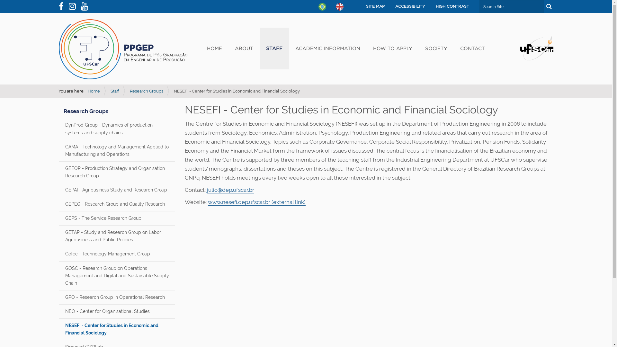 The height and width of the screenshot is (347, 617). What do you see at coordinates (452, 6) in the screenshot?
I see `'HIGH CONTRAST'` at bounding box center [452, 6].